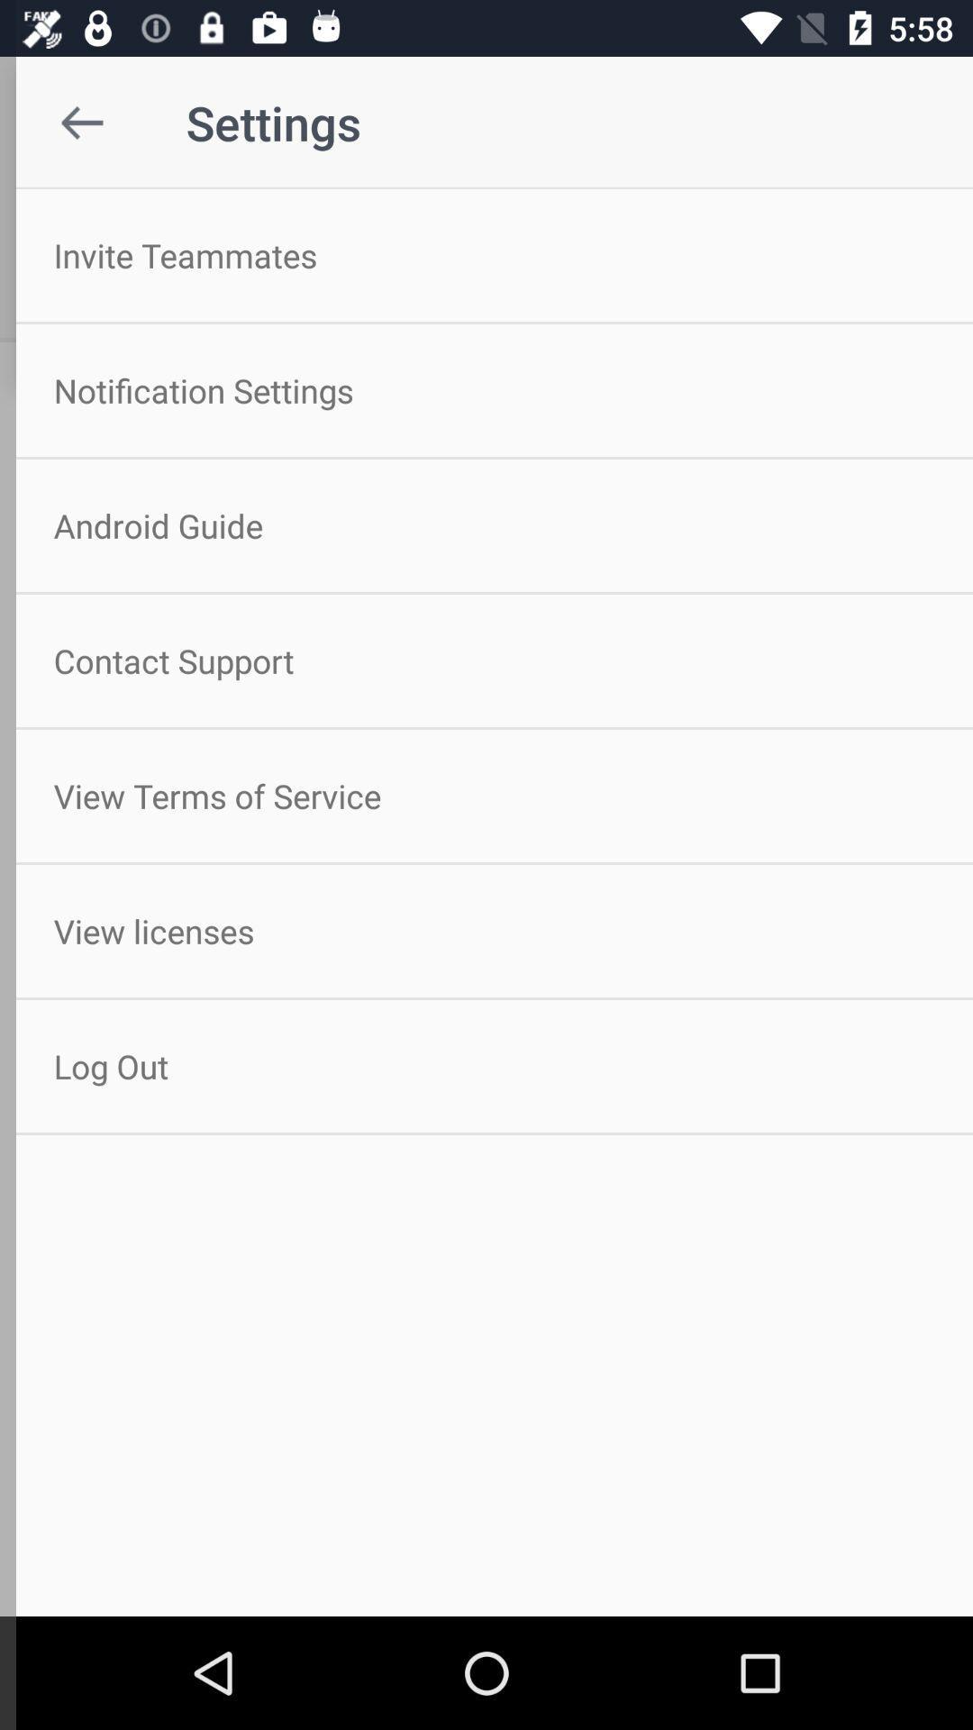 This screenshot has height=1730, width=973. What do you see at coordinates (486, 389) in the screenshot?
I see `item above android guide` at bounding box center [486, 389].